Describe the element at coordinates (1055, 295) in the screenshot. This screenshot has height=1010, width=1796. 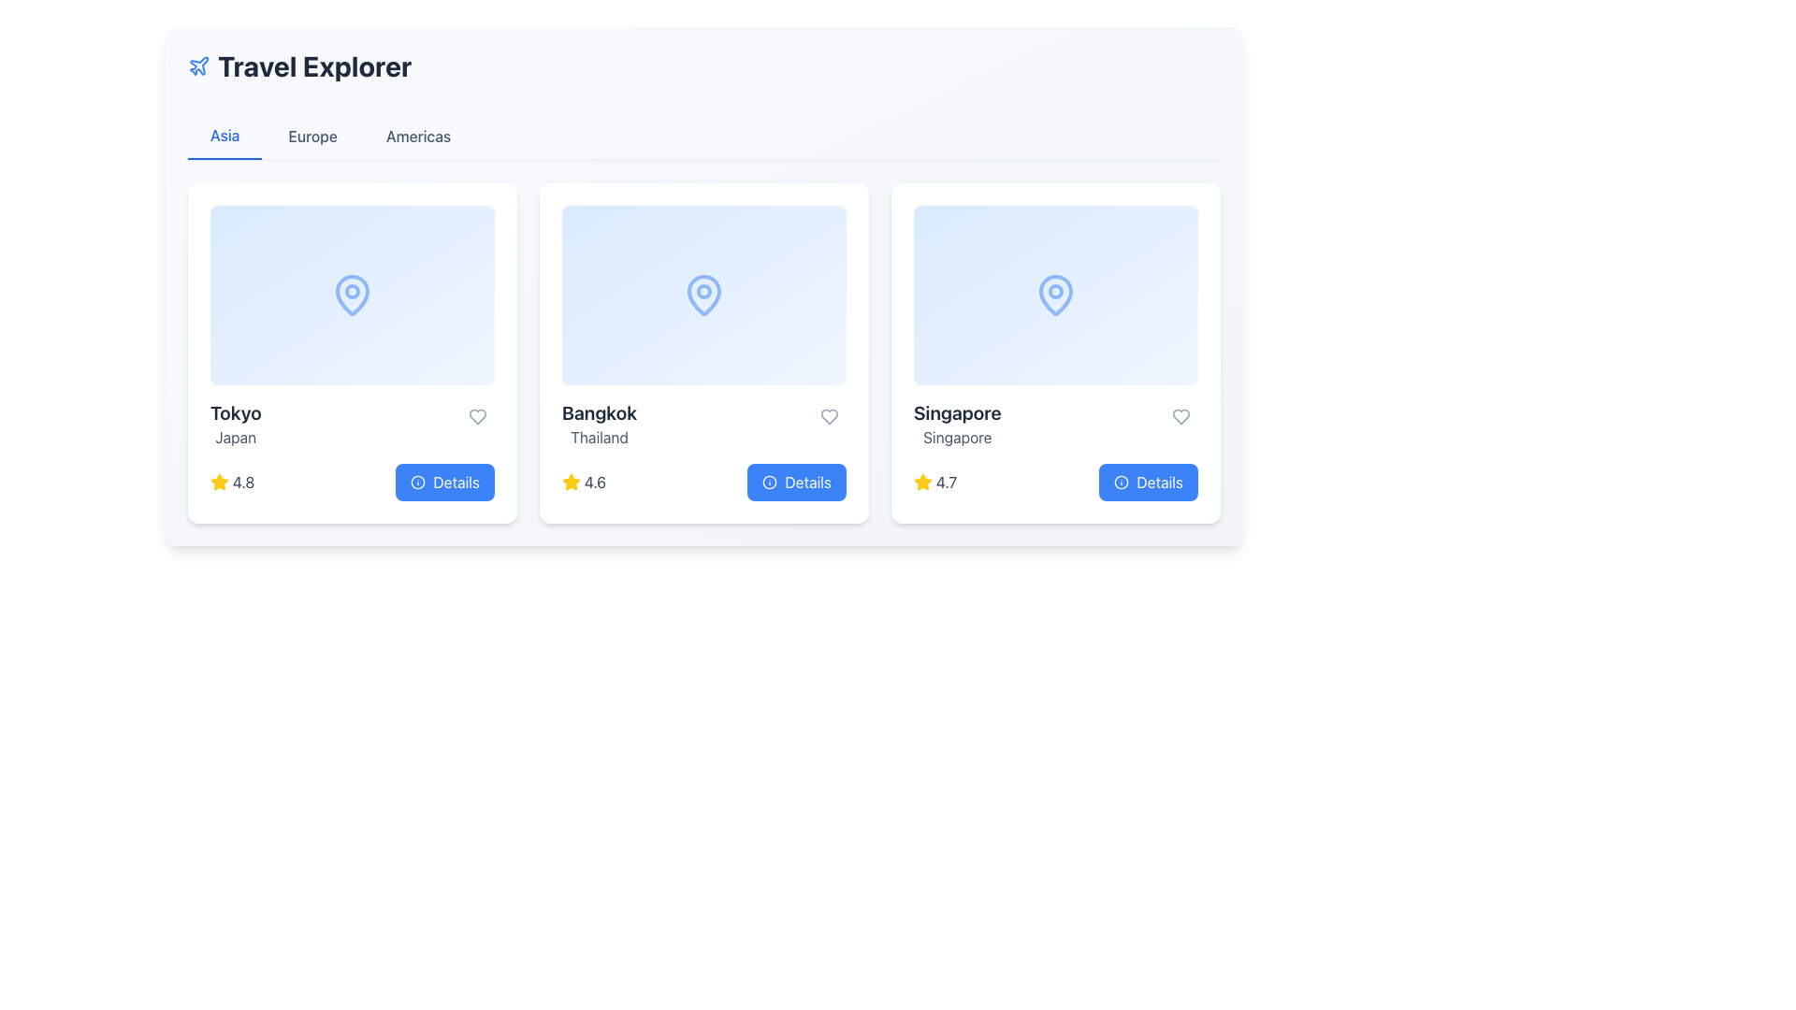
I see `the location marker icon located within the rightmost card labeled 'Singapore', which is positioned beneath a blue rectangular area` at that location.